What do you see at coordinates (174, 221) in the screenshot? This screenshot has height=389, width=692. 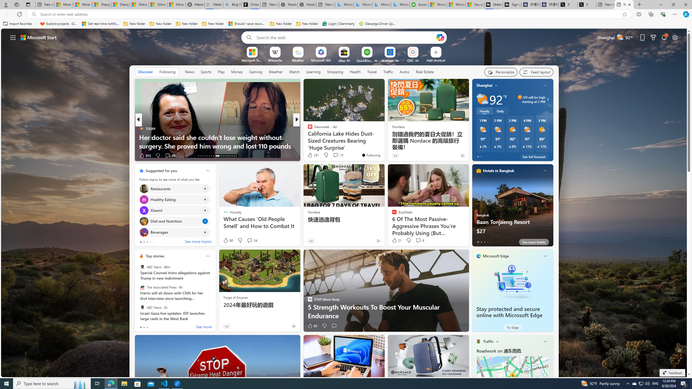 I see `'Click to unfollow topic Diet and Nutrition'` at bounding box center [174, 221].